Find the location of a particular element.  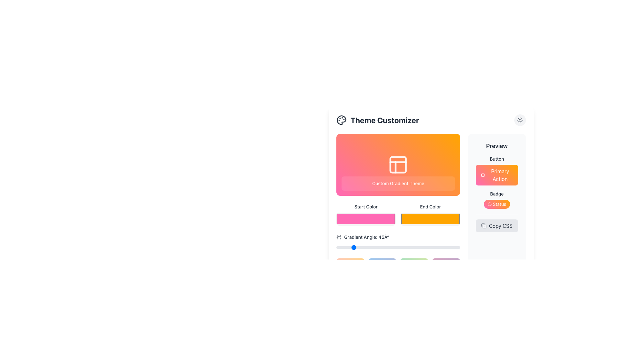

the horizontal slider styled as a thin bar with rounded edges located beneath the label 'Gradient Angle: 45°' to set a specific position is located at coordinates (398, 247).